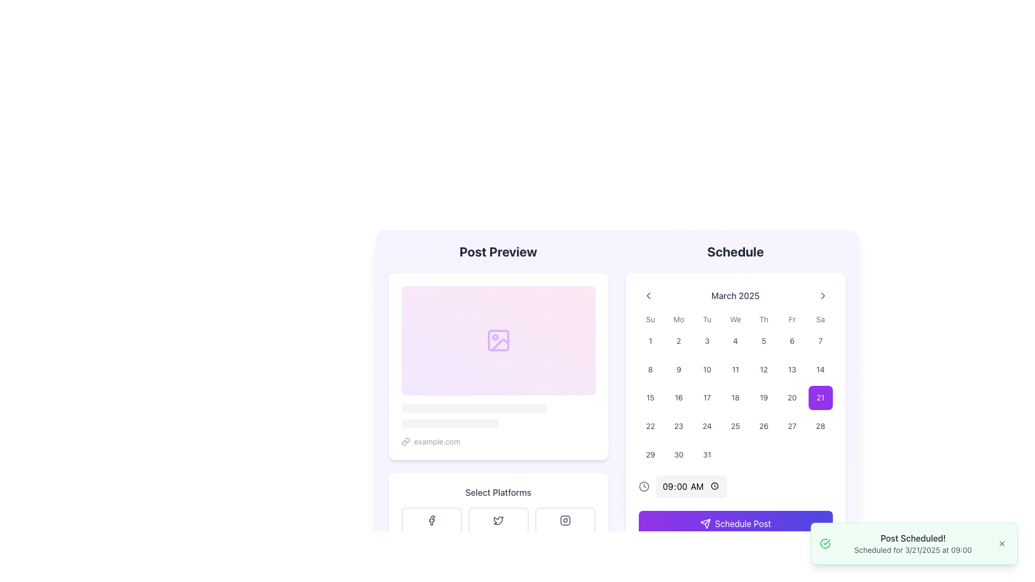  What do you see at coordinates (405, 441) in the screenshot?
I see `the chain link icon located to the left of the text 'example.com' in the 'Post Preview' section` at bounding box center [405, 441].